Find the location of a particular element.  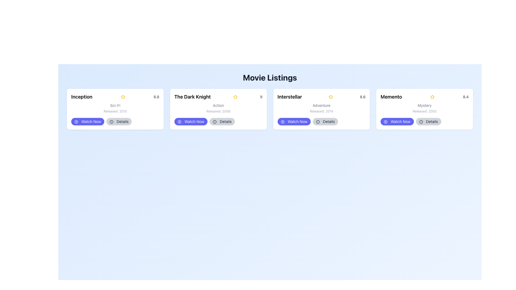

the small circular icon with a gray outline and an 'i' symbol, located to the left of the 'Details' text in the button below the movie card is located at coordinates (214, 122).